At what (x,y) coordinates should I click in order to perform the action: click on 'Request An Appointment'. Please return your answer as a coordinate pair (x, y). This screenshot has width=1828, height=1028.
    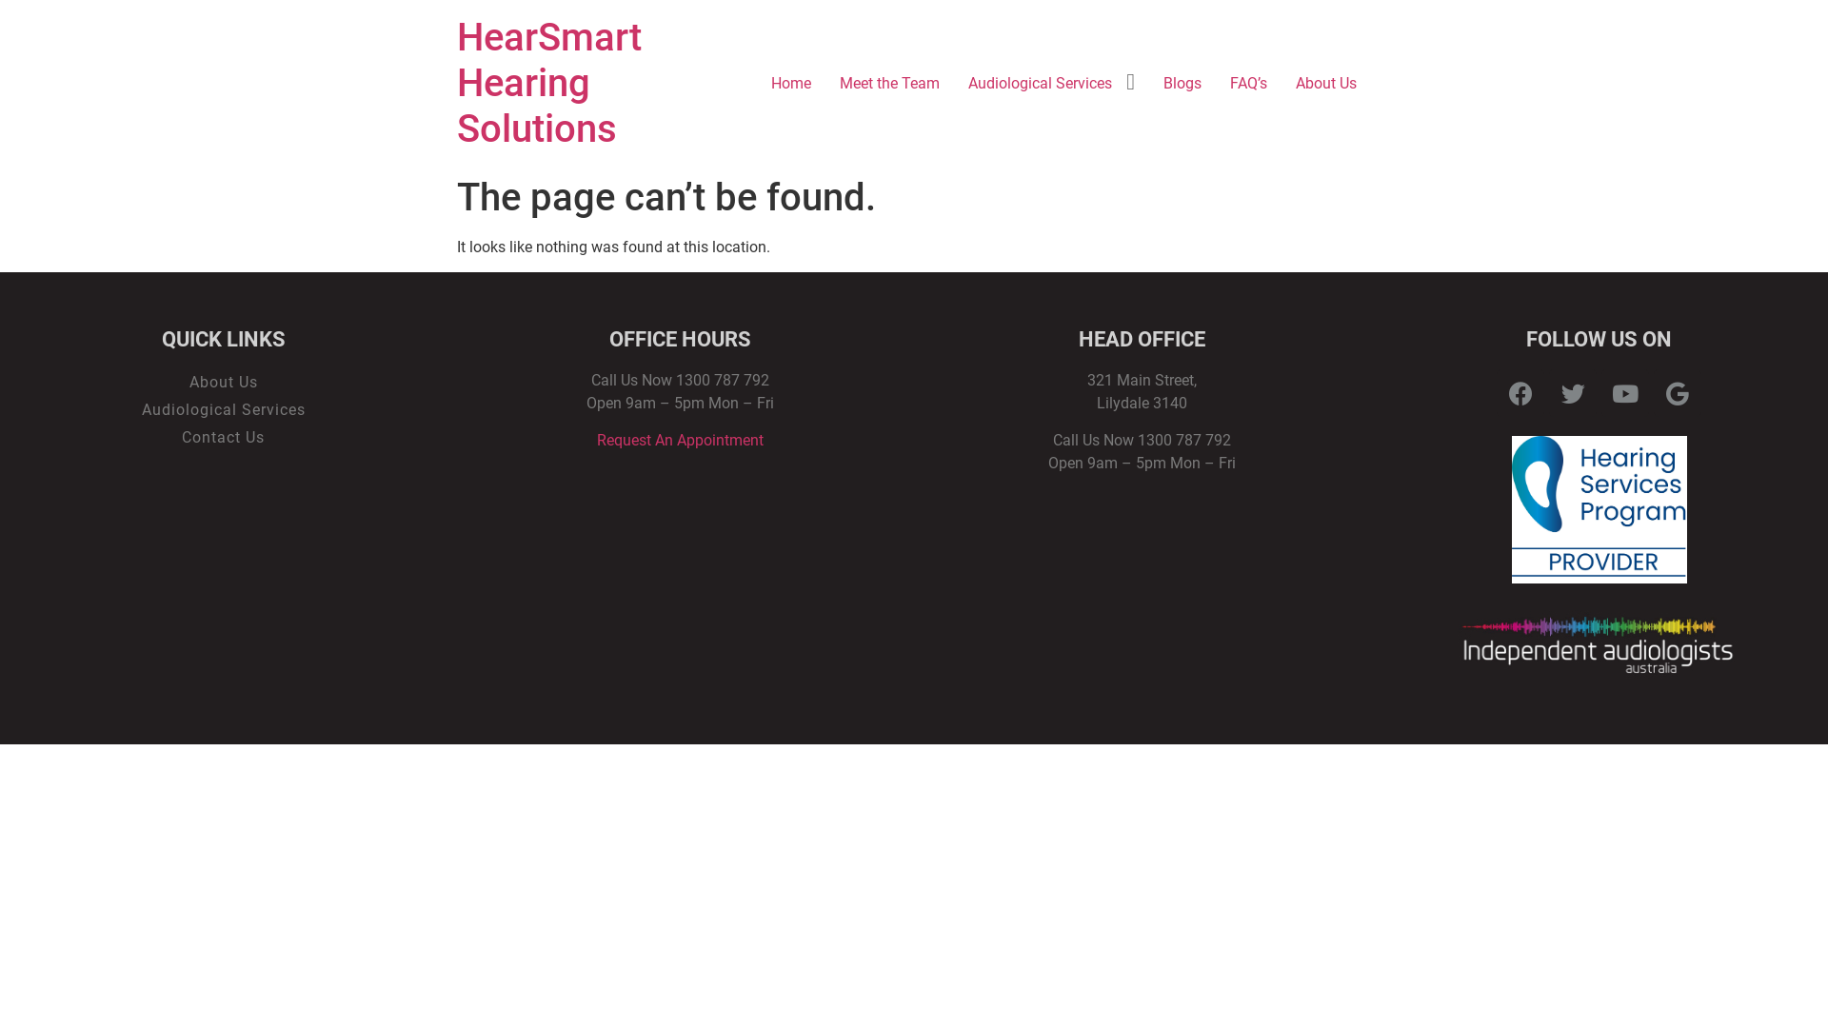
    Looking at the image, I should click on (680, 440).